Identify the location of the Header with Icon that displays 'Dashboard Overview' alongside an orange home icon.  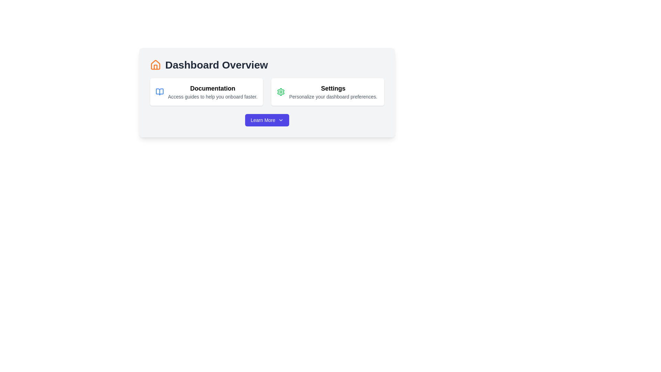
(267, 65).